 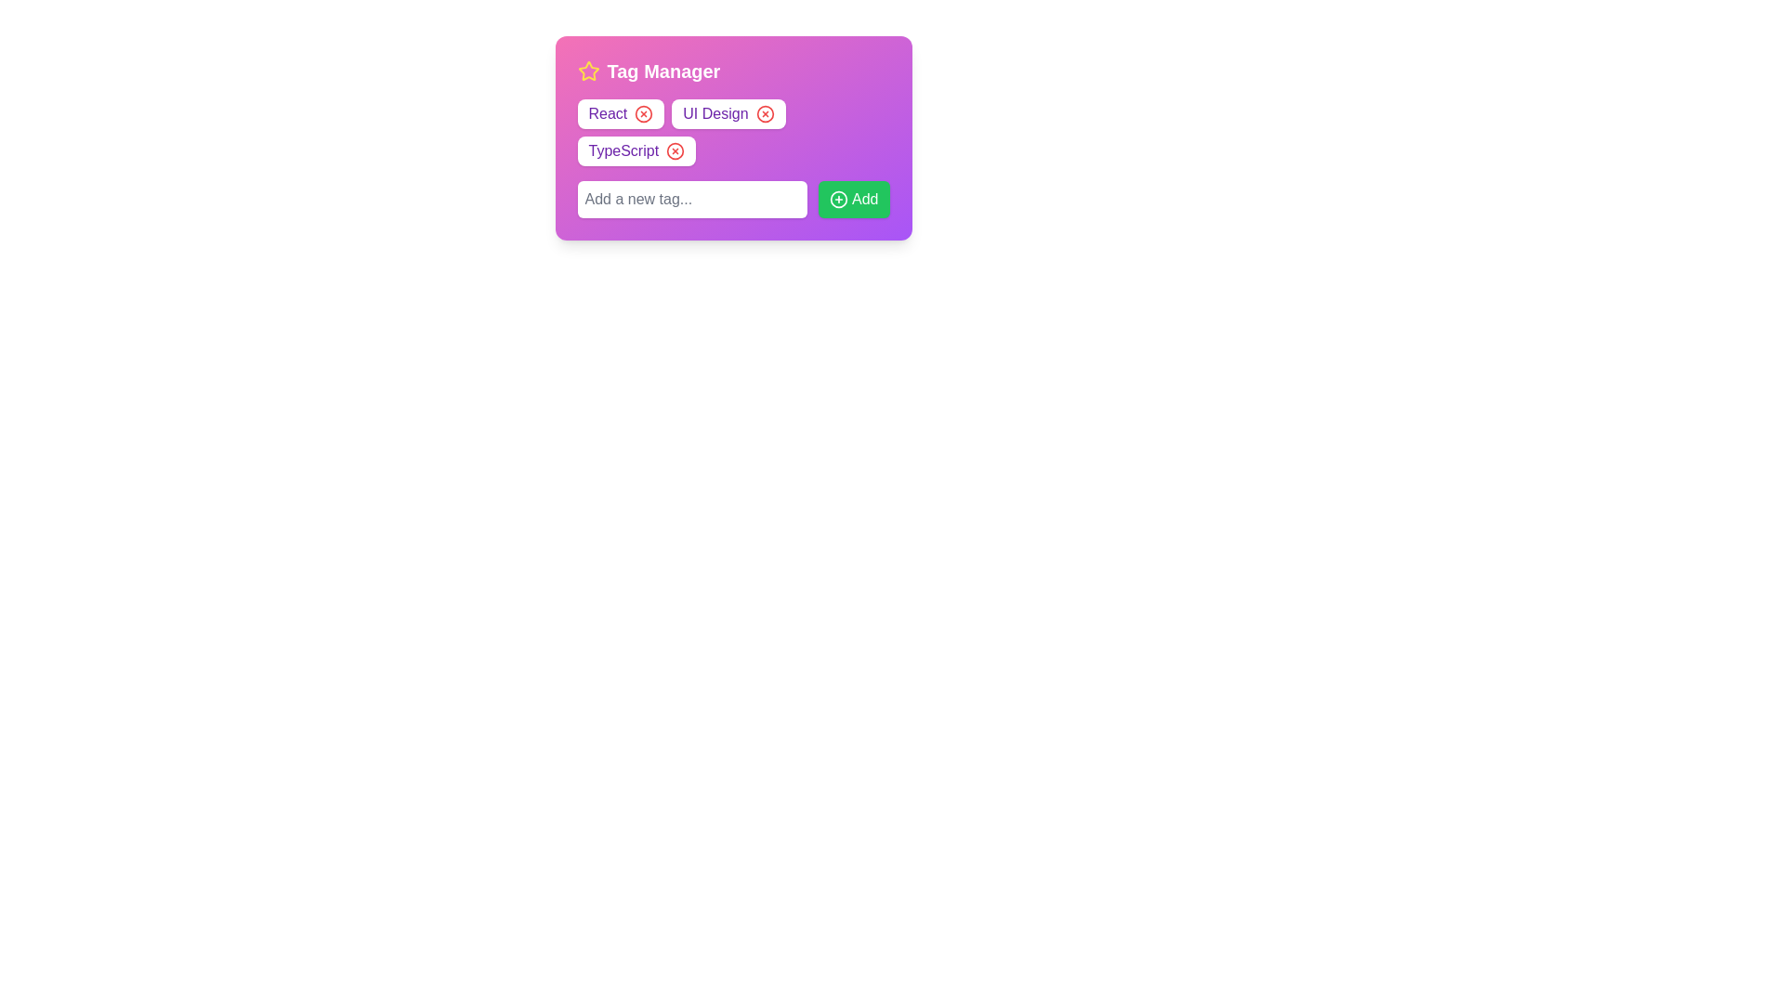 What do you see at coordinates (728, 114) in the screenshot?
I see `the close icon on the 'UI Design' tag` at bounding box center [728, 114].